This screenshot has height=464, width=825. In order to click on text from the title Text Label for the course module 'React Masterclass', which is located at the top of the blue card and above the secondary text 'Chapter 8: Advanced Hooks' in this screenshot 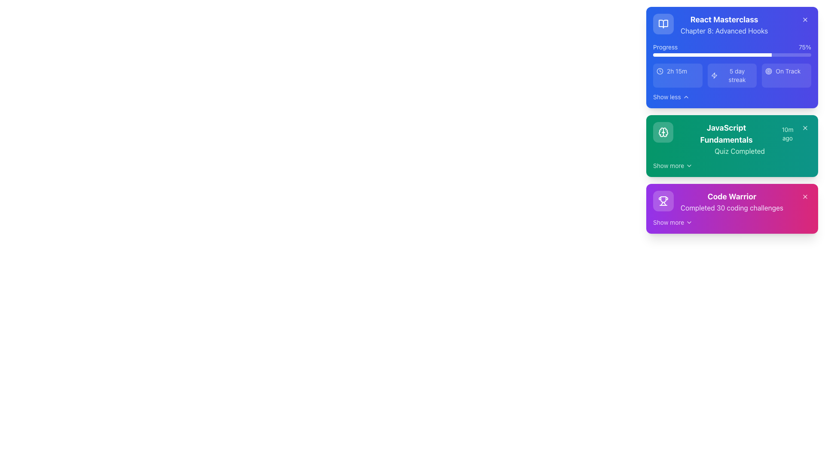, I will do `click(724, 19)`.